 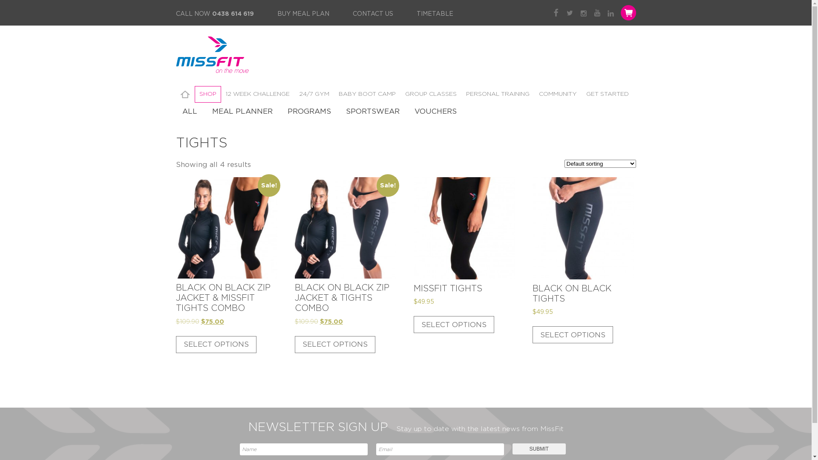 I want to click on '24/7 GYM', so click(x=294, y=94).